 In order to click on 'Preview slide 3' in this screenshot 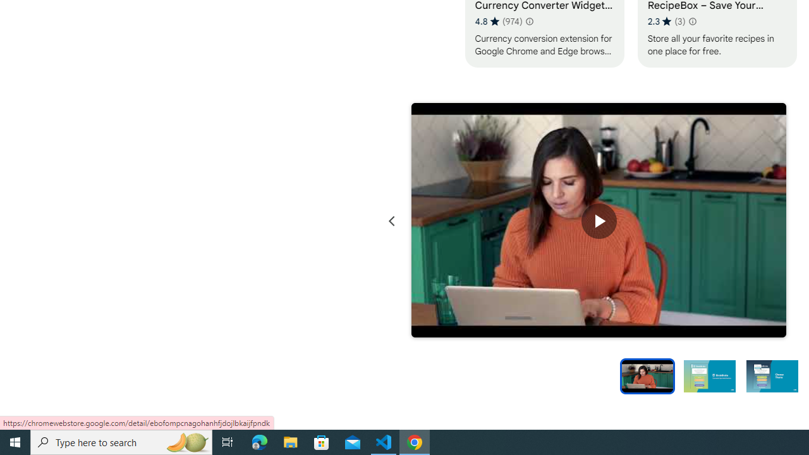, I will do `click(772, 375)`.